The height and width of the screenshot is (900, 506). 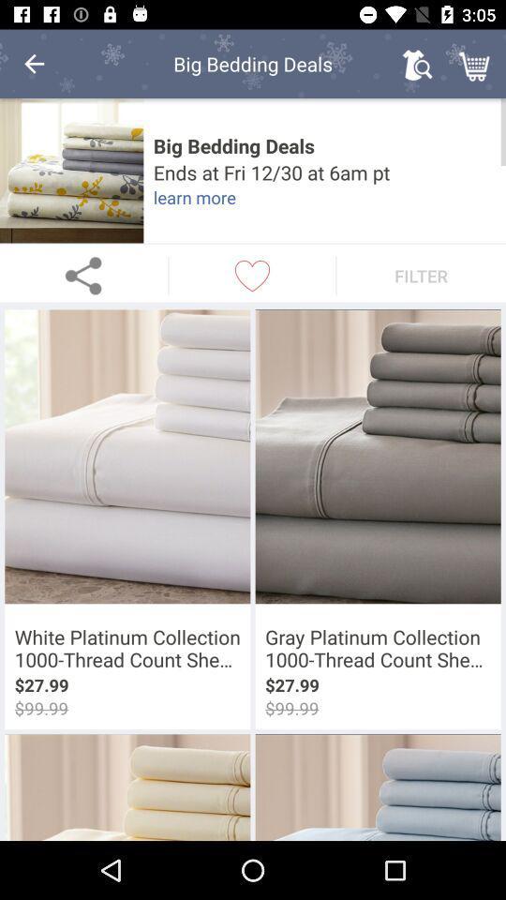 What do you see at coordinates (70, 171) in the screenshot?
I see `advertised image screen` at bounding box center [70, 171].